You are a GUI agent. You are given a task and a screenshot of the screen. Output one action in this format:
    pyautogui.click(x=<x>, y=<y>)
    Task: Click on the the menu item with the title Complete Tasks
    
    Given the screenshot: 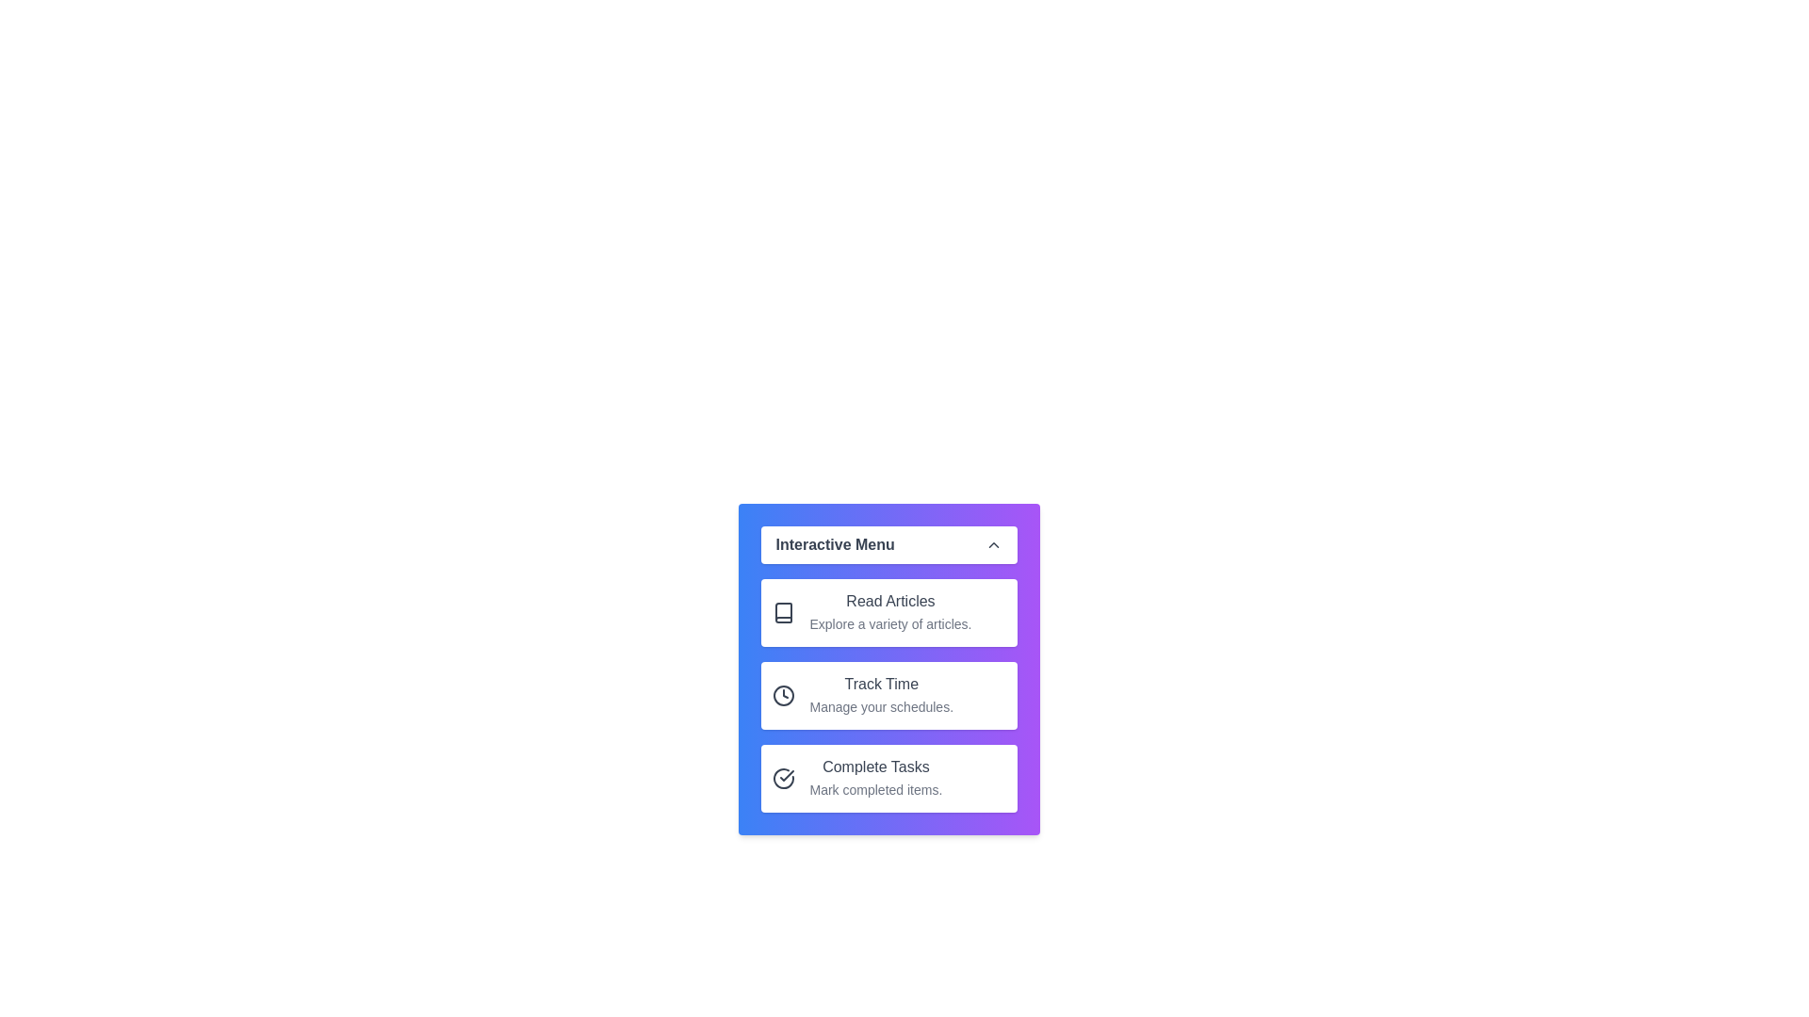 What is the action you would take?
    pyautogui.click(x=888, y=778)
    